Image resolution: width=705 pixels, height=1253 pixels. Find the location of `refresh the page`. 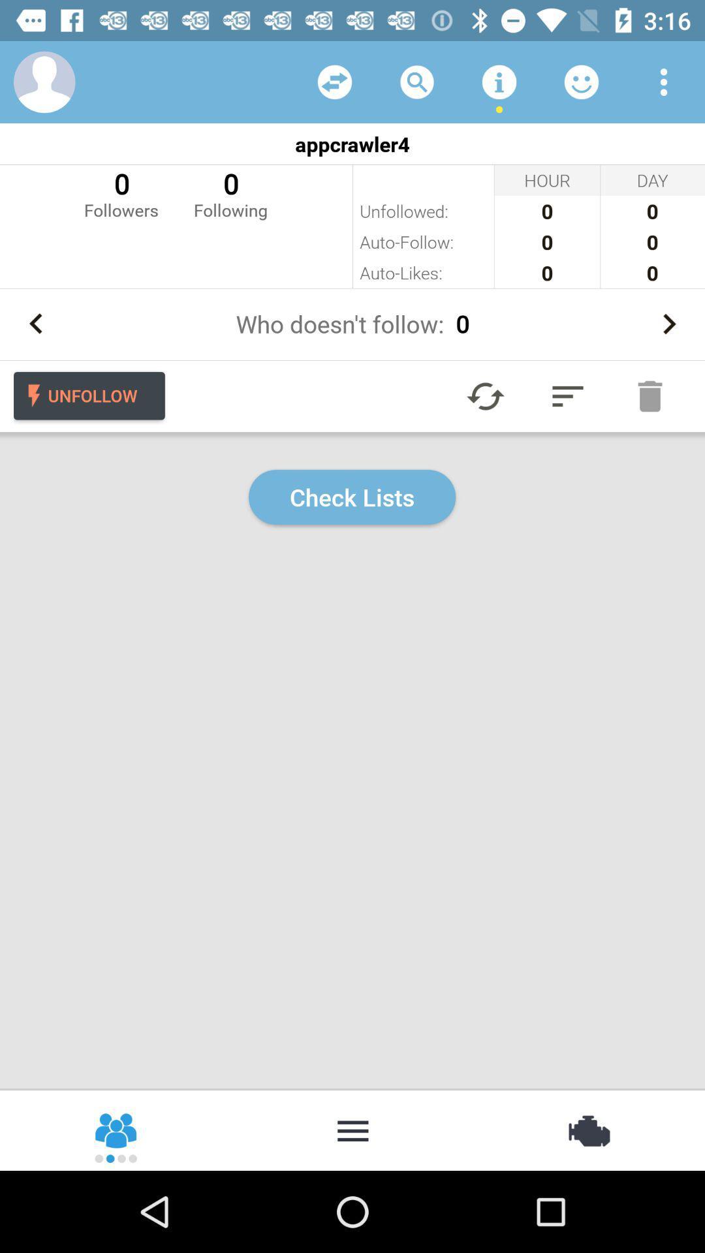

refresh the page is located at coordinates (486, 395).